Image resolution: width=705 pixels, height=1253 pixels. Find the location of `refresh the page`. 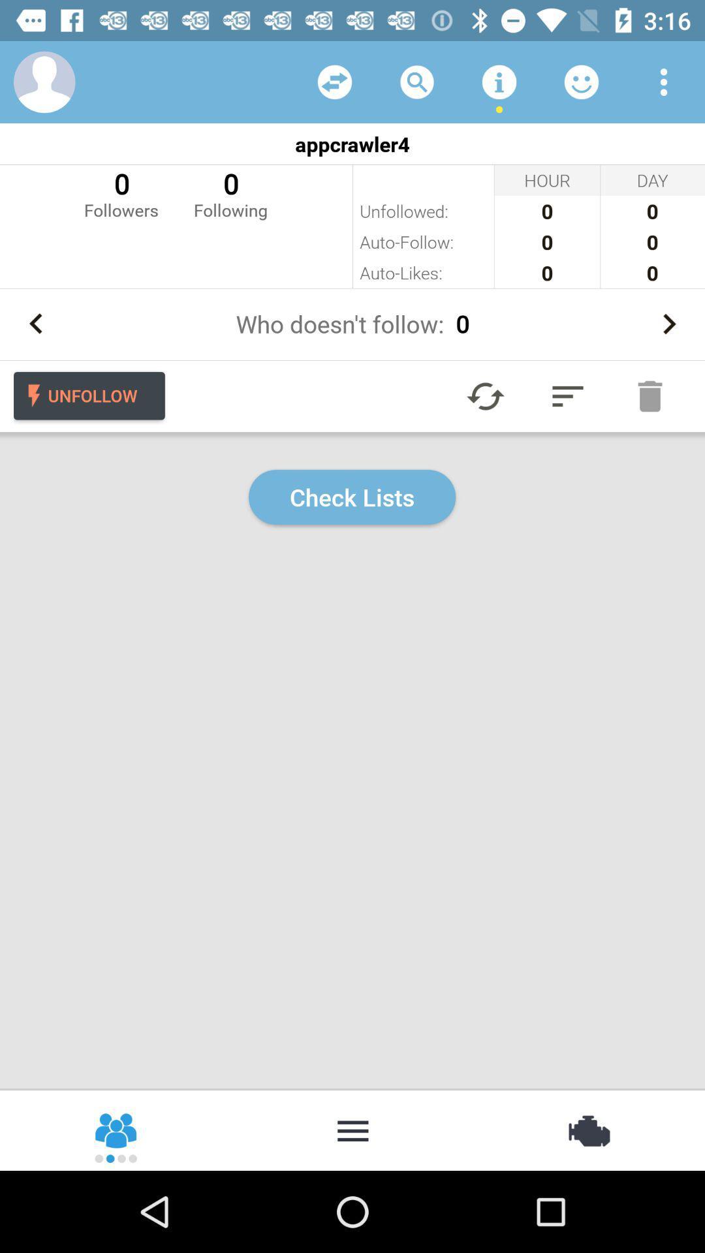

refresh the page is located at coordinates (486, 395).